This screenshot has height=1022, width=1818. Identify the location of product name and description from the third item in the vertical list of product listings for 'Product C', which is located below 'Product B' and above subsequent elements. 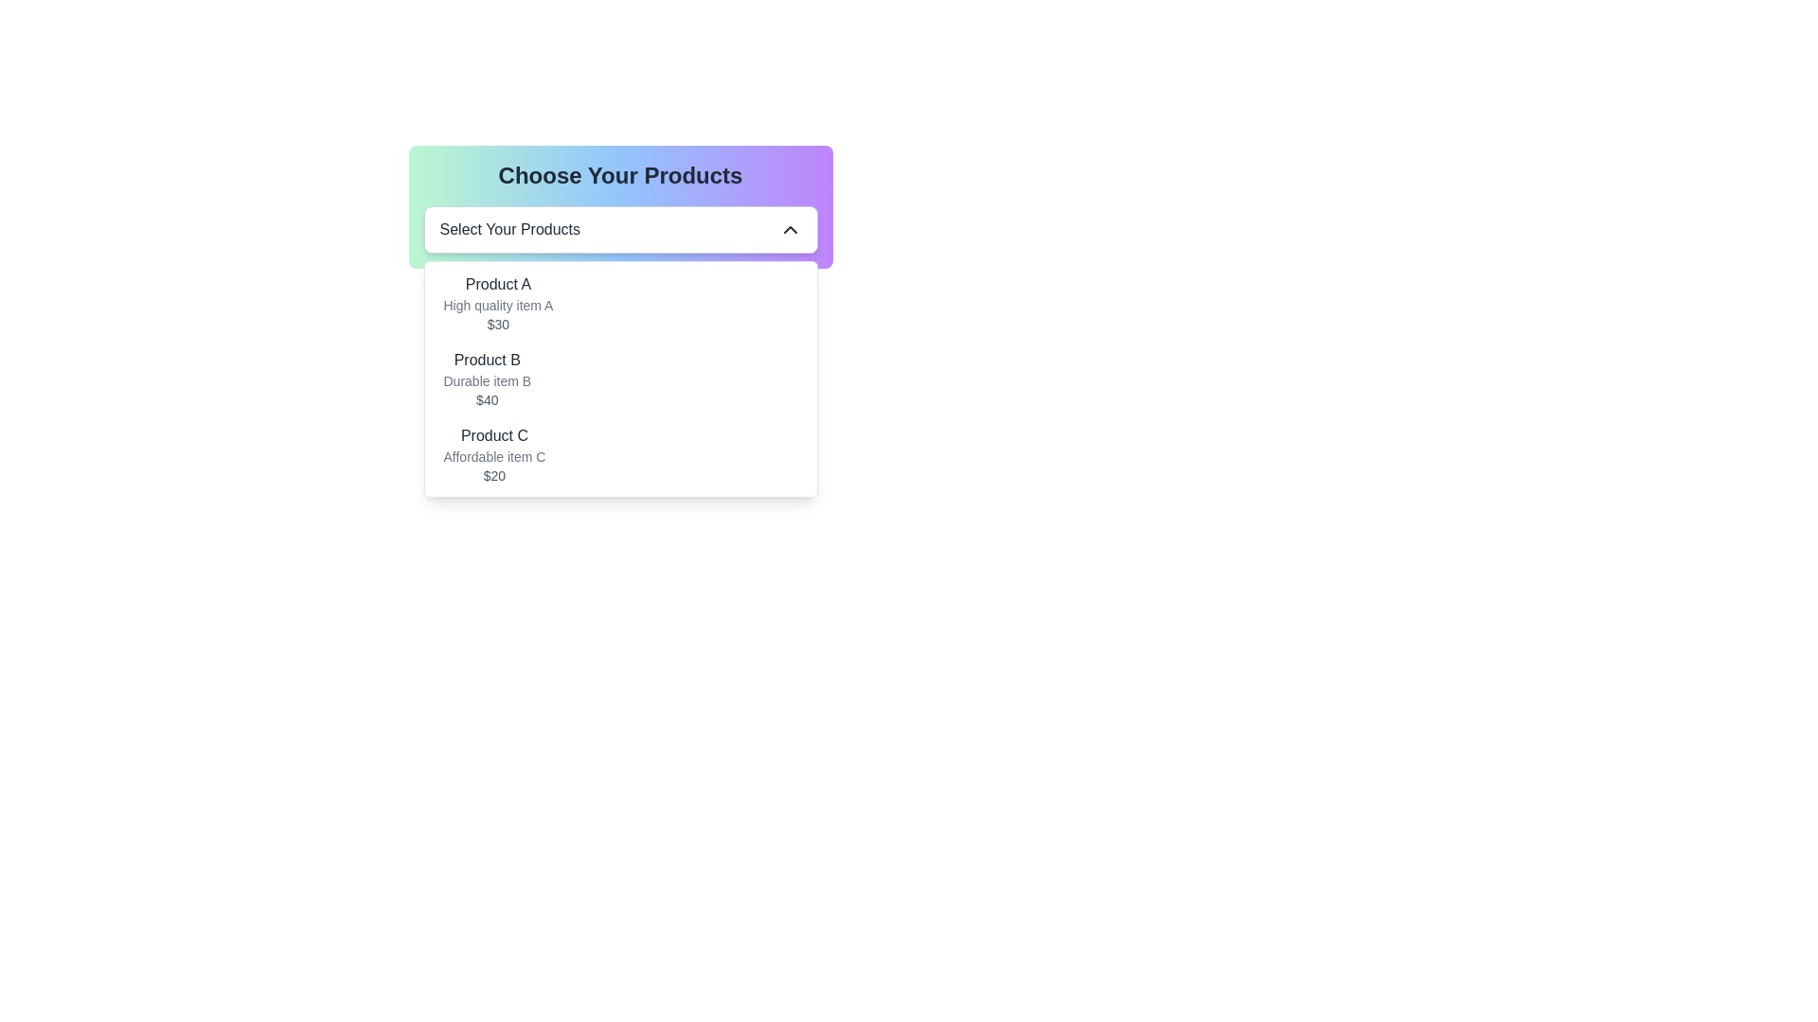
(620, 455).